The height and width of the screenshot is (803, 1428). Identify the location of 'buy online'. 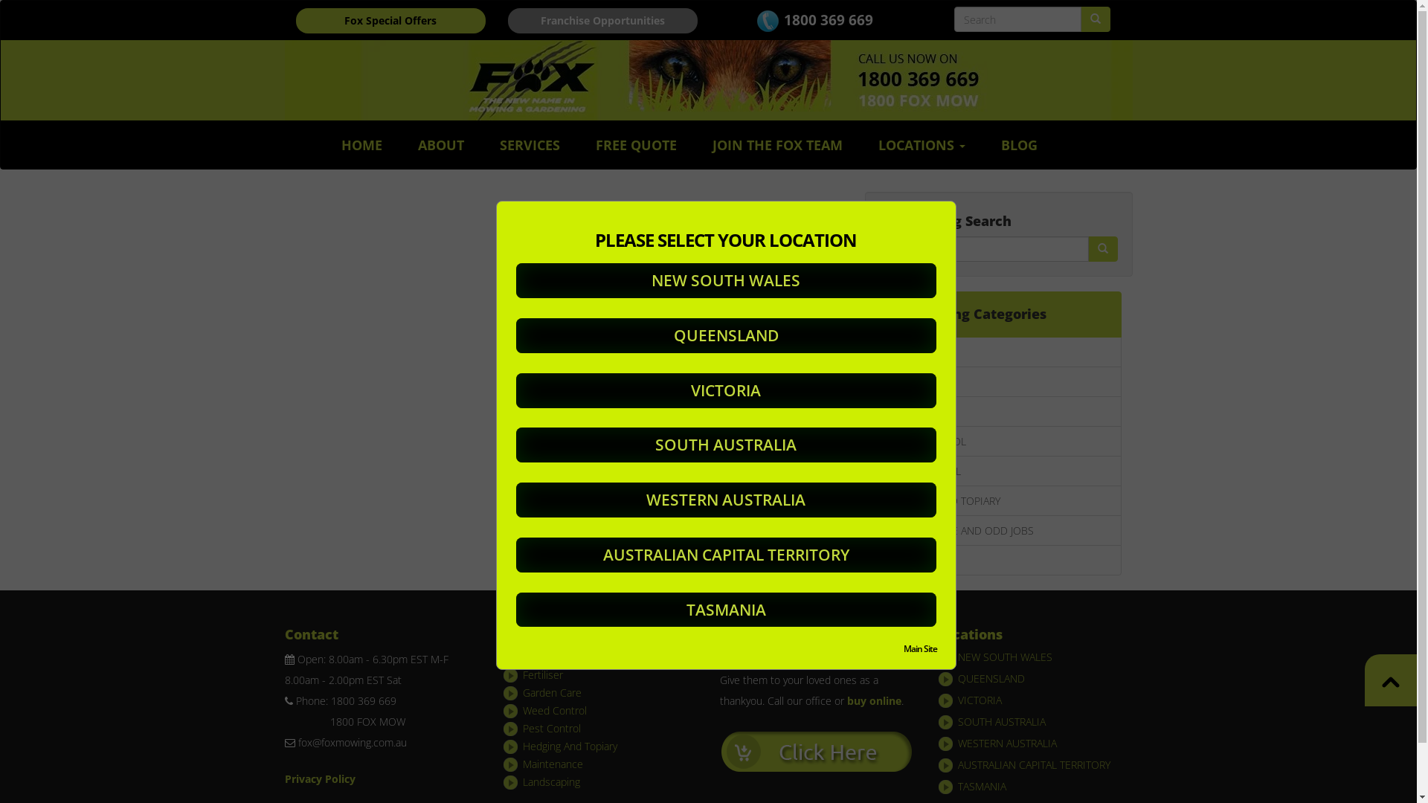
(873, 700).